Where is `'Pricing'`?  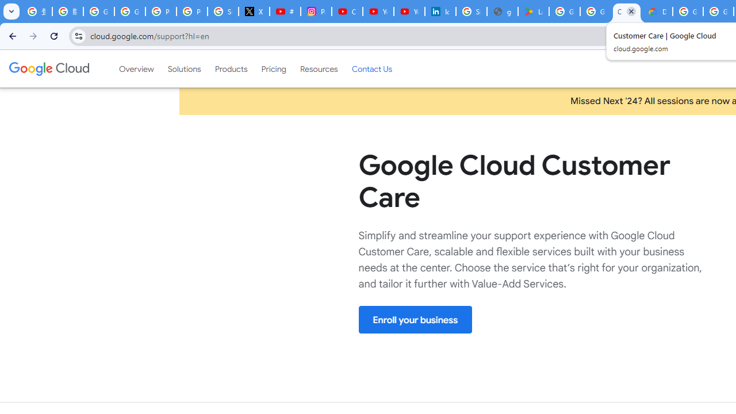 'Pricing' is located at coordinates (273, 68).